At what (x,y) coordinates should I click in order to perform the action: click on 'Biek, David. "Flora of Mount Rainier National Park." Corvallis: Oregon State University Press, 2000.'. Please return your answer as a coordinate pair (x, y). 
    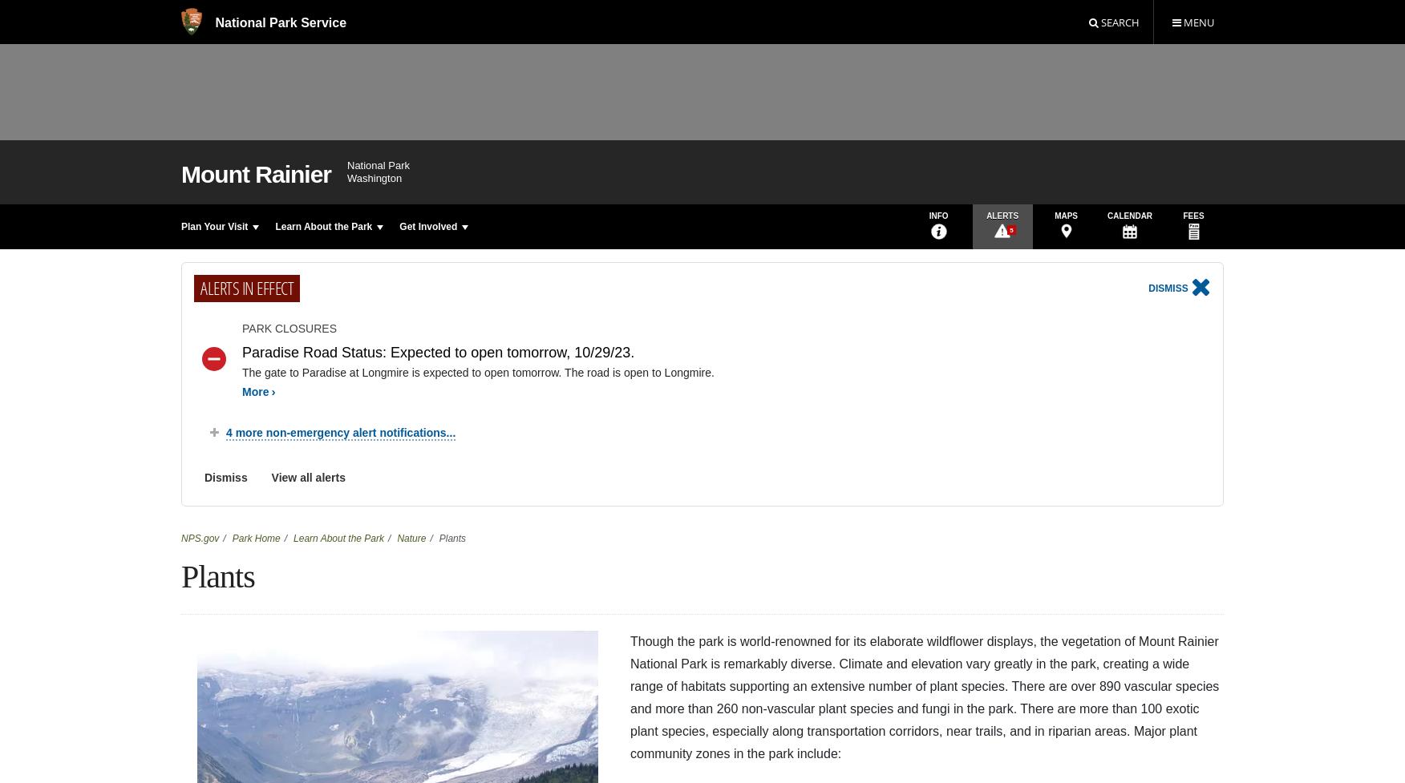
    Looking at the image, I should click on (462, 48).